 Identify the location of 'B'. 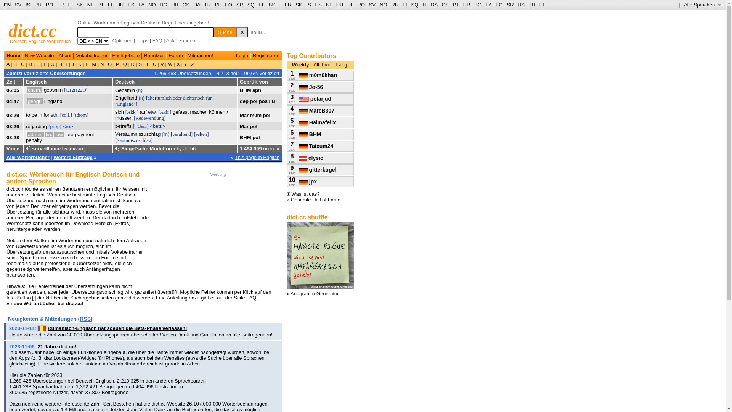
(15, 64).